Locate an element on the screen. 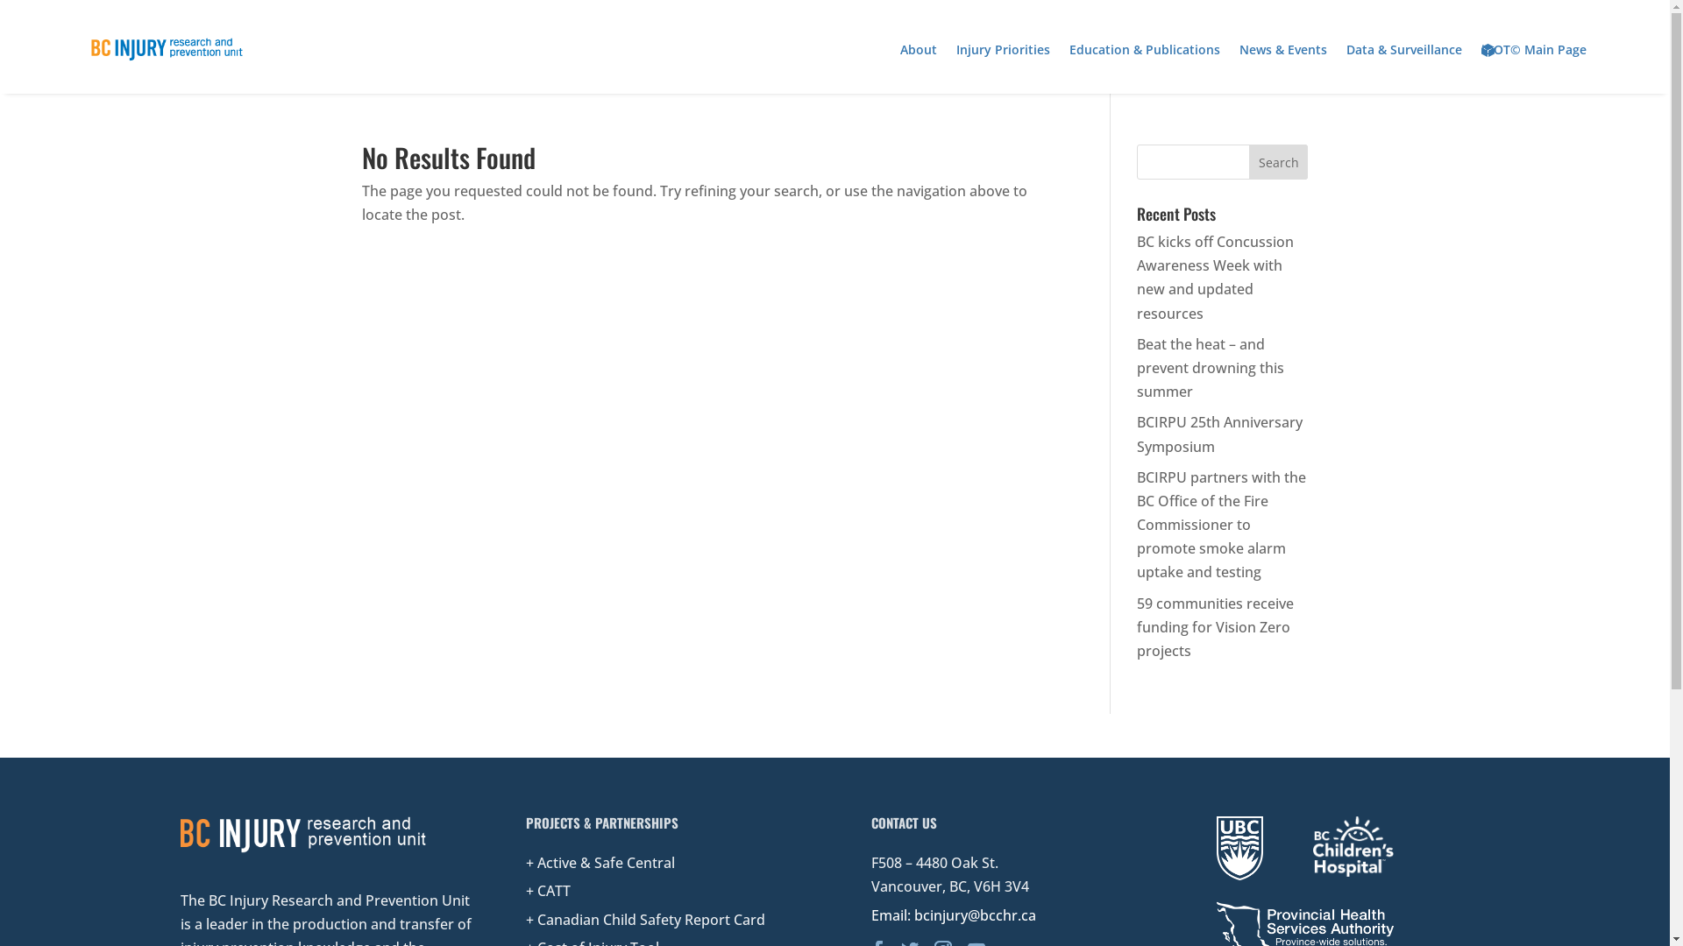 The image size is (1683, 946). 'Injury Priorities' is located at coordinates (955, 49).